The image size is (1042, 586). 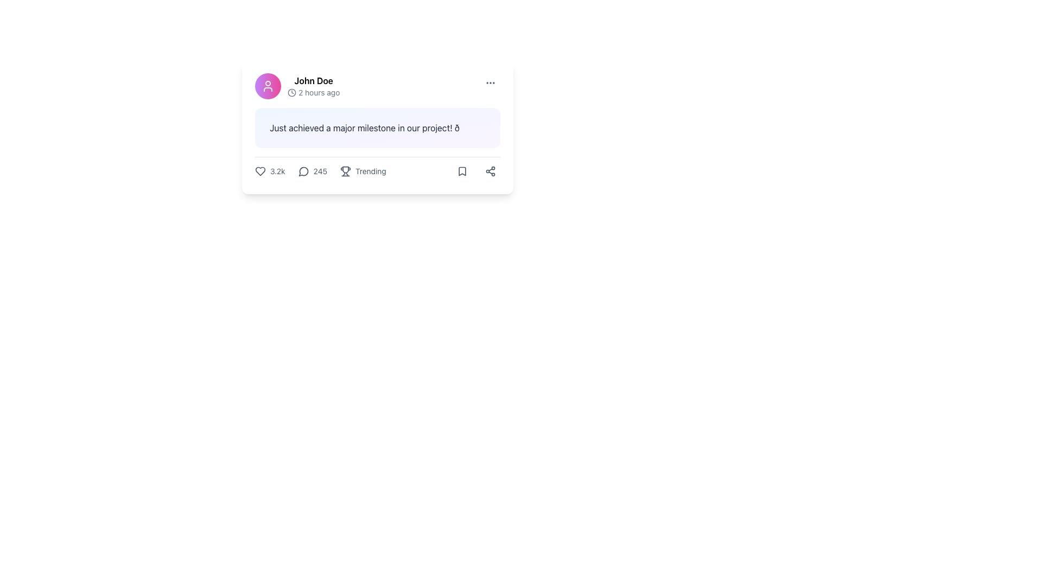 I want to click on the 'John Doe' label, which is a bold text label located above the '2 hours ago' timestamp and adjacent to a pink circular avatar icon, so click(x=313, y=80).